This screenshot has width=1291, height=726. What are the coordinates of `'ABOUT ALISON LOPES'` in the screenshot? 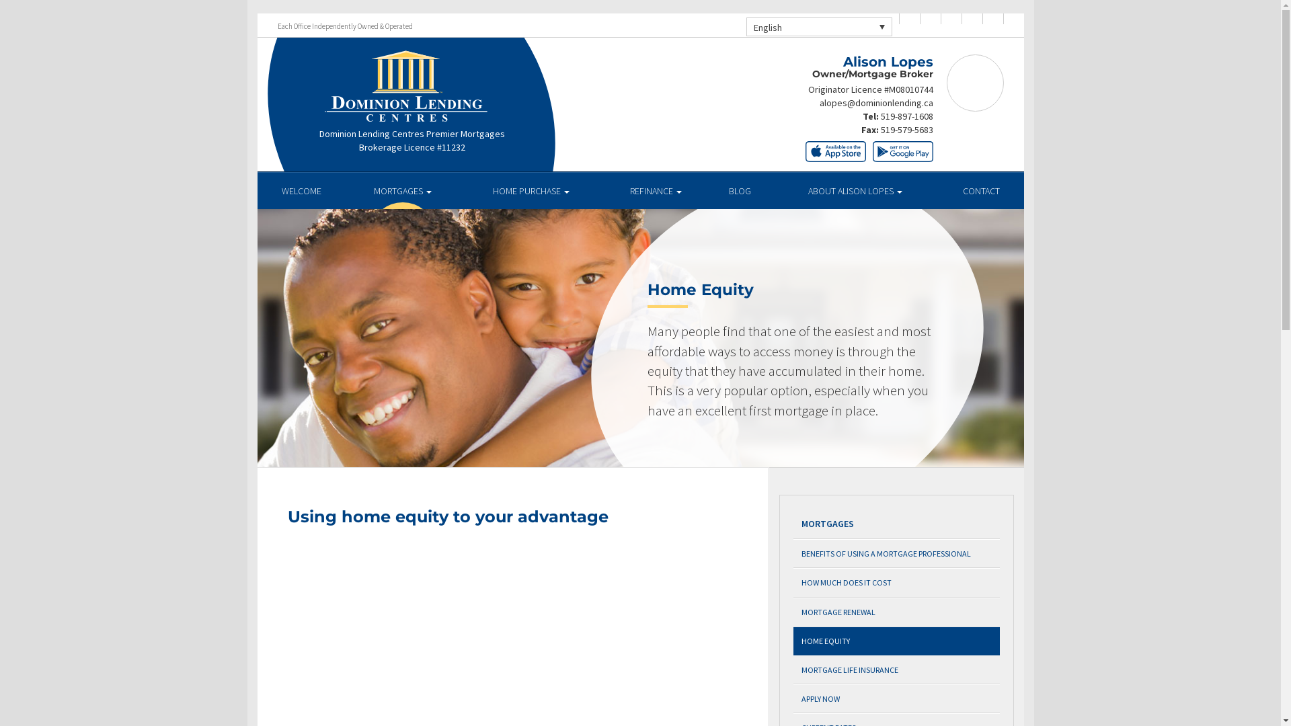 It's located at (855, 191).